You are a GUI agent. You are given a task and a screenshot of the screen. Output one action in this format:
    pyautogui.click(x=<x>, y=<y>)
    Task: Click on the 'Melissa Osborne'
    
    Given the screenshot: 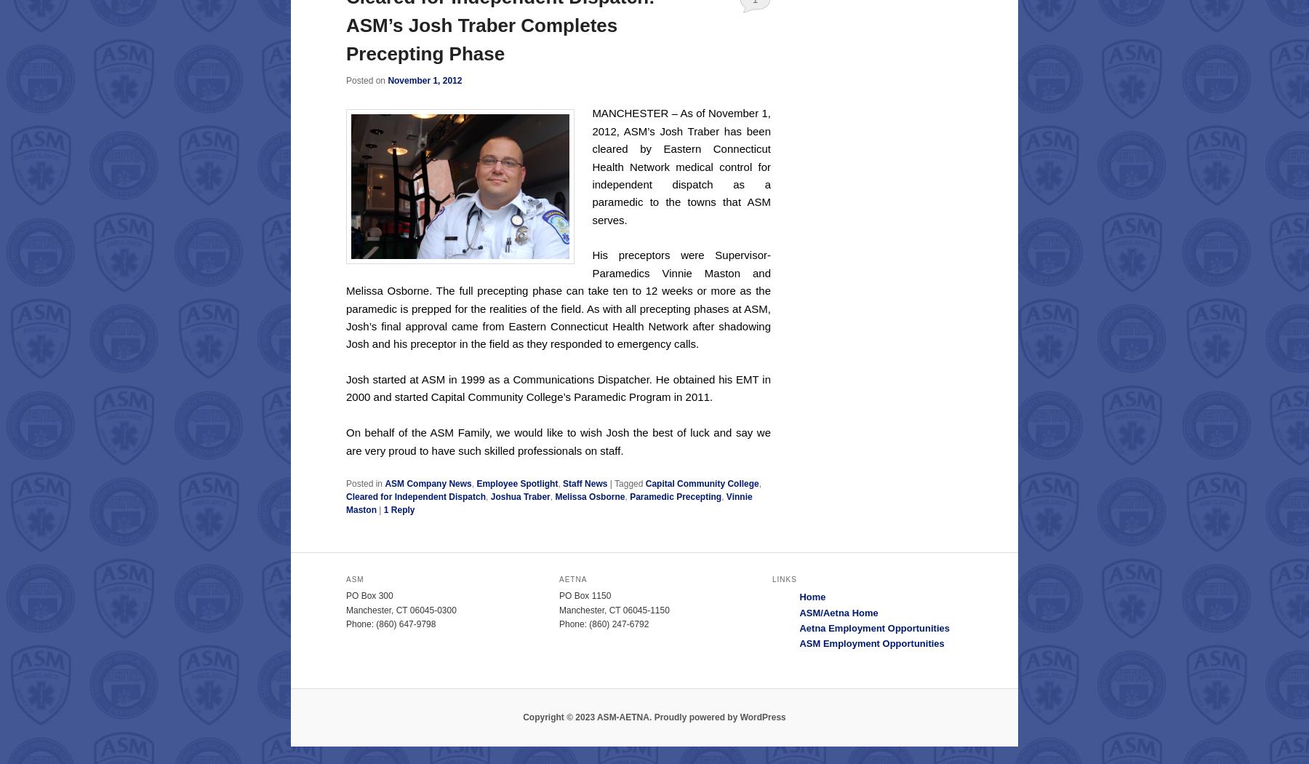 What is the action you would take?
    pyautogui.click(x=590, y=497)
    